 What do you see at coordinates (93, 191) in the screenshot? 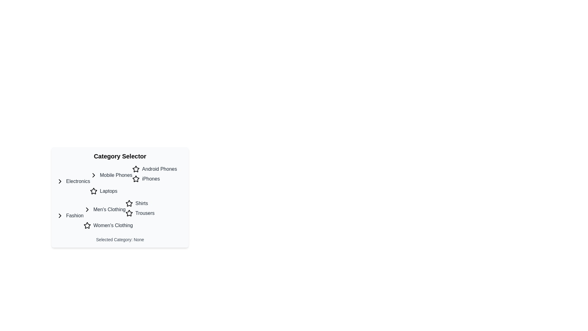
I see `the star-shaped icon located adjacent to the label 'Laptops' in the 'Electronics' section` at bounding box center [93, 191].